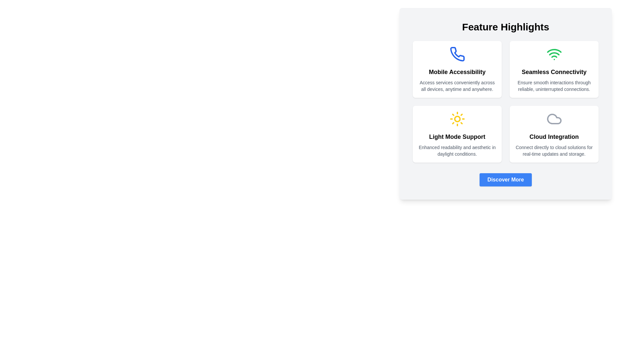  Describe the element at coordinates (457, 118) in the screenshot. I see `the circular light yellow element inside the sun icon representing light mode support` at that location.